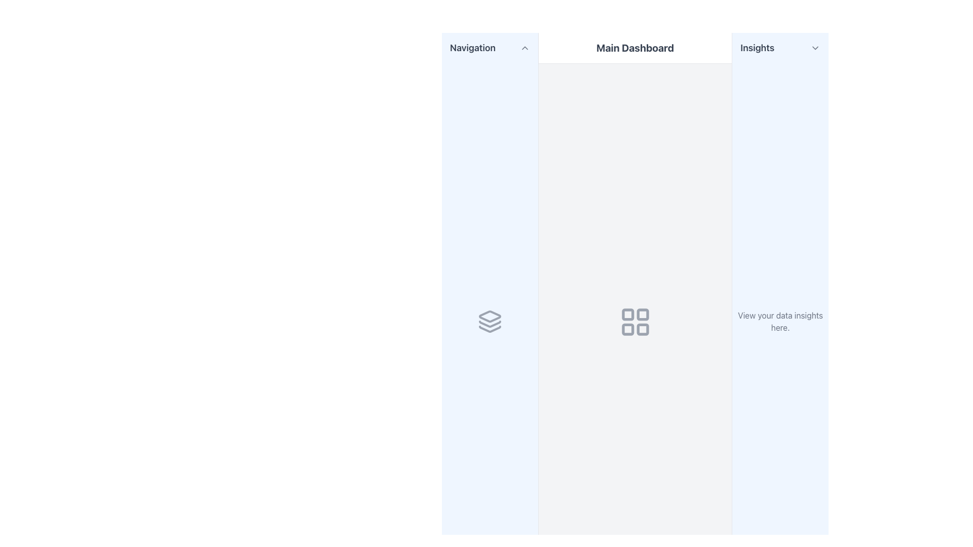 This screenshot has height=547, width=973. I want to click on the layout or grid view icon located in the main content area, centrally aligned and positioned slightly below the vertical center, so click(634, 322).